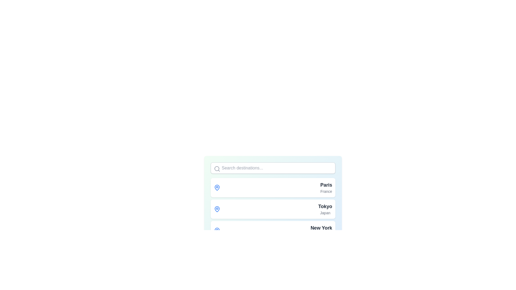 This screenshot has height=290, width=516. I want to click on the map pin marker icon located at the top left corner of the first line of the list of destinations, next to the label 'Paris, France', so click(217, 187).